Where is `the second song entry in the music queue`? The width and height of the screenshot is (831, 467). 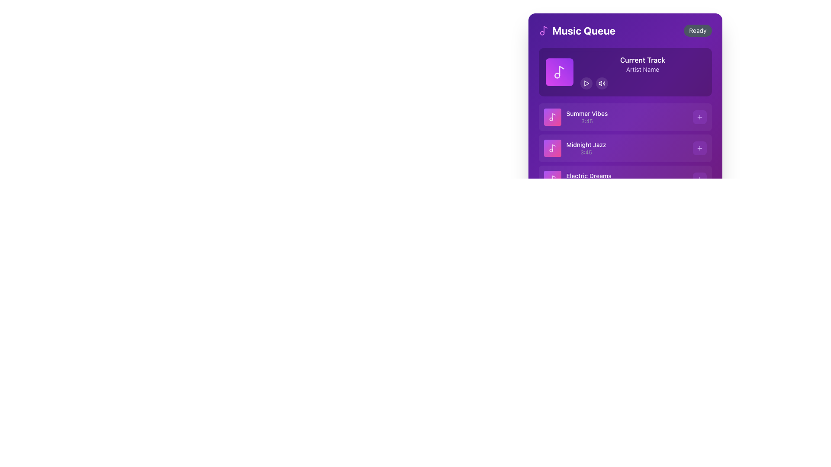 the second song entry in the music queue is located at coordinates (625, 123).